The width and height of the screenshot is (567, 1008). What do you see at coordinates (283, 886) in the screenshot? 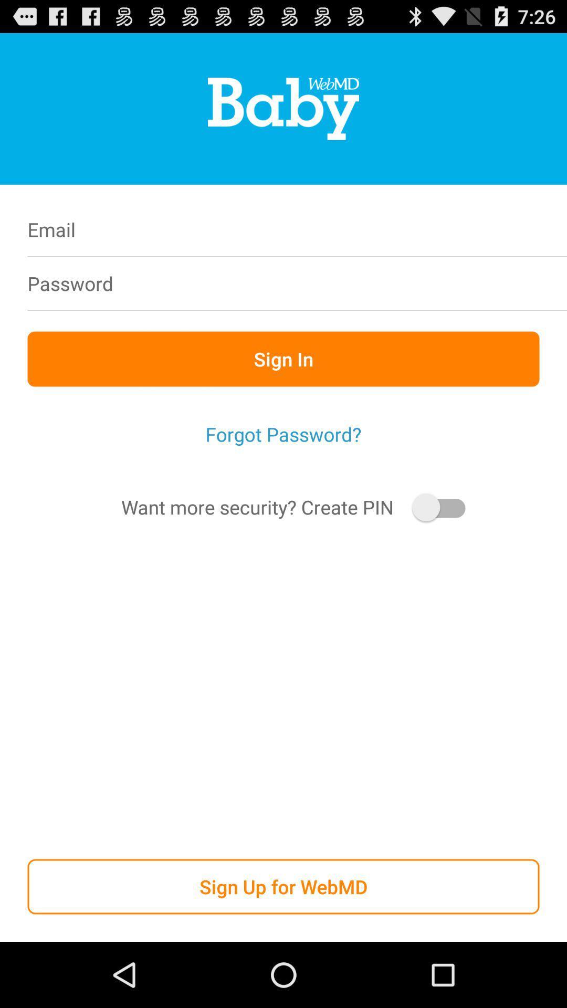
I see `item at the bottom` at bounding box center [283, 886].